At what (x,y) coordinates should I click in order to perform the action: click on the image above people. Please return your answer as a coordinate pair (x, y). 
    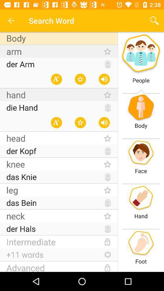
    Looking at the image, I should click on (141, 54).